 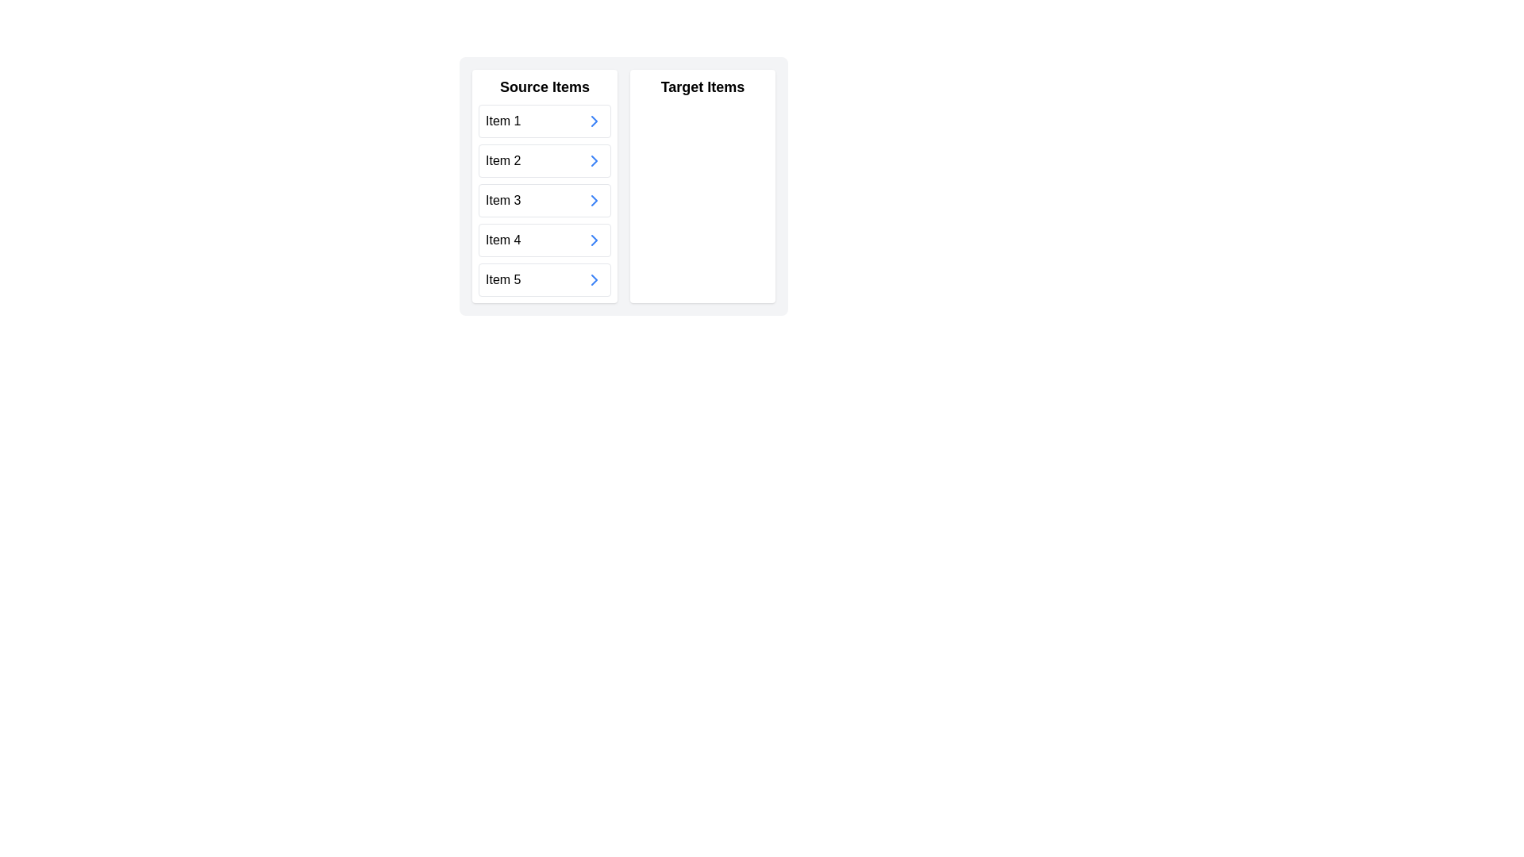 What do you see at coordinates (593, 200) in the screenshot?
I see `the rightward-facing arrow icon in the 'Item 3' row` at bounding box center [593, 200].